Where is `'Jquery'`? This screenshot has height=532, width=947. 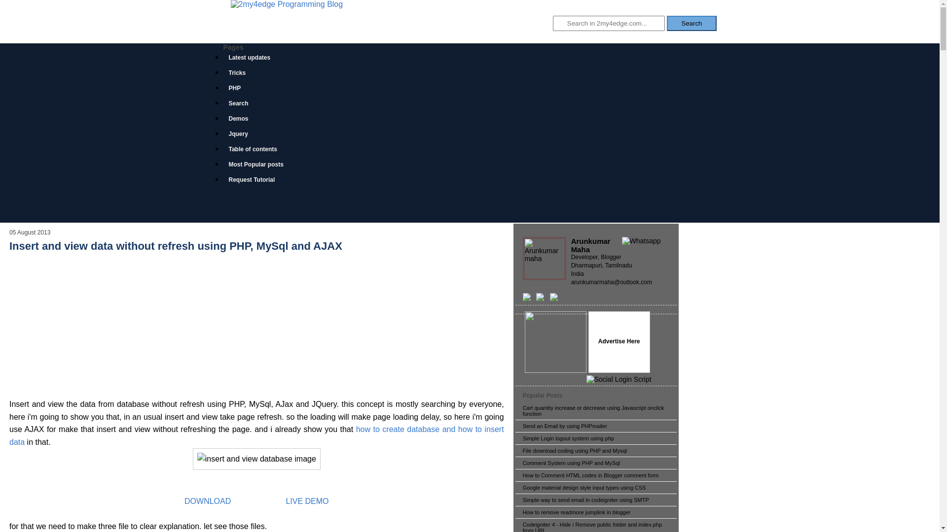
'Jquery' is located at coordinates (222, 135).